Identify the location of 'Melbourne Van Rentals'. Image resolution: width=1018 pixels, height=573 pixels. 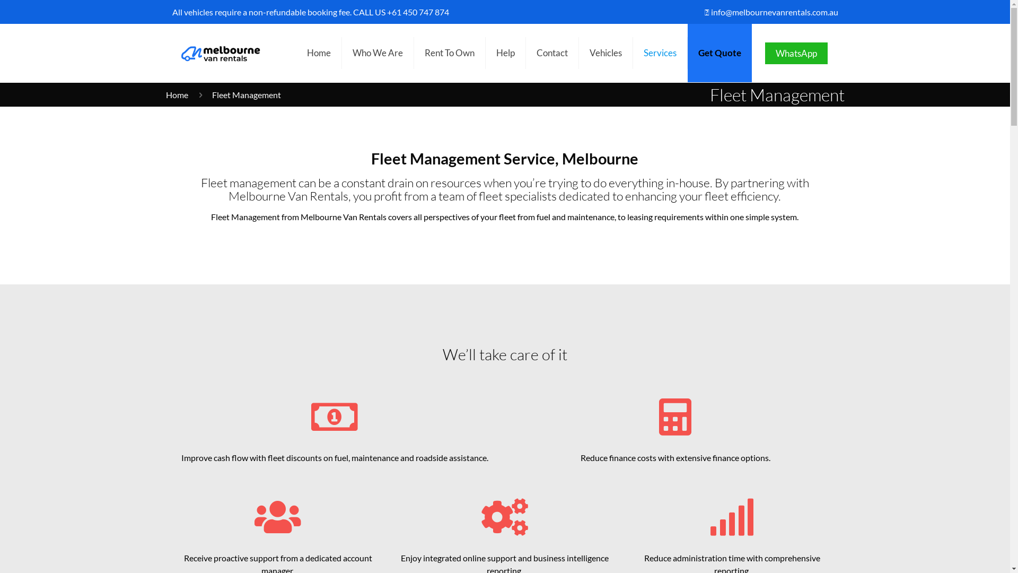
(218, 53).